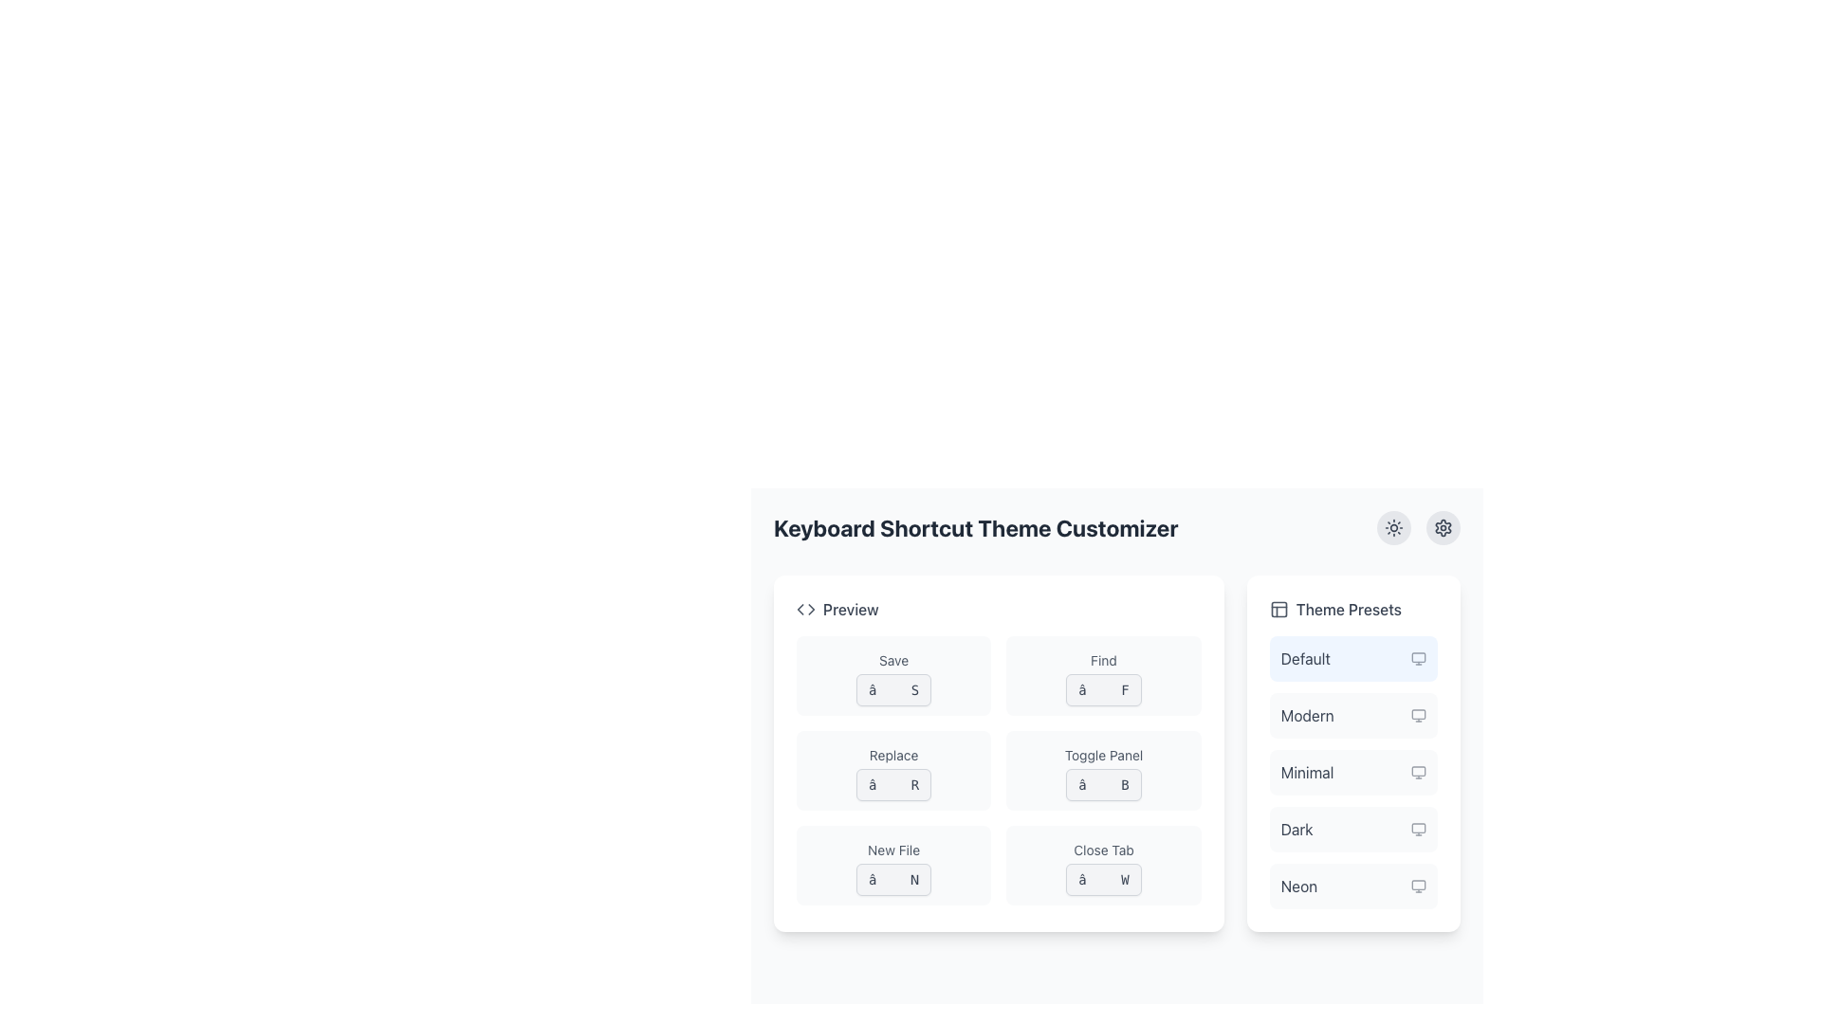 This screenshot has height=1024, width=1821. What do you see at coordinates (892, 755) in the screenshot?
I see `the 'Replace' text label` at bounding box center [892, 755].